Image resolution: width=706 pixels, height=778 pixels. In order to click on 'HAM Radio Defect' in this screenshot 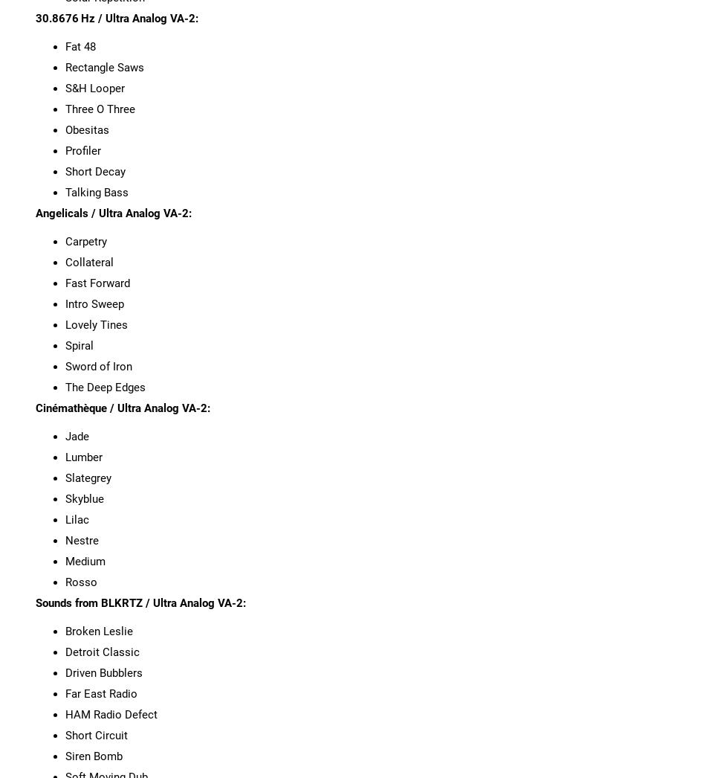, I will do `click(110, 713)`.